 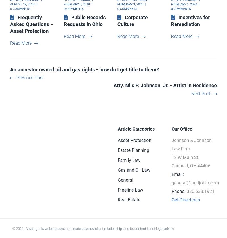 What do you see at coordinates (10, 24) in the screenshot?
I see `'Frequently Asked Questions – Asset Protection'` at bounding box center [10, 24].